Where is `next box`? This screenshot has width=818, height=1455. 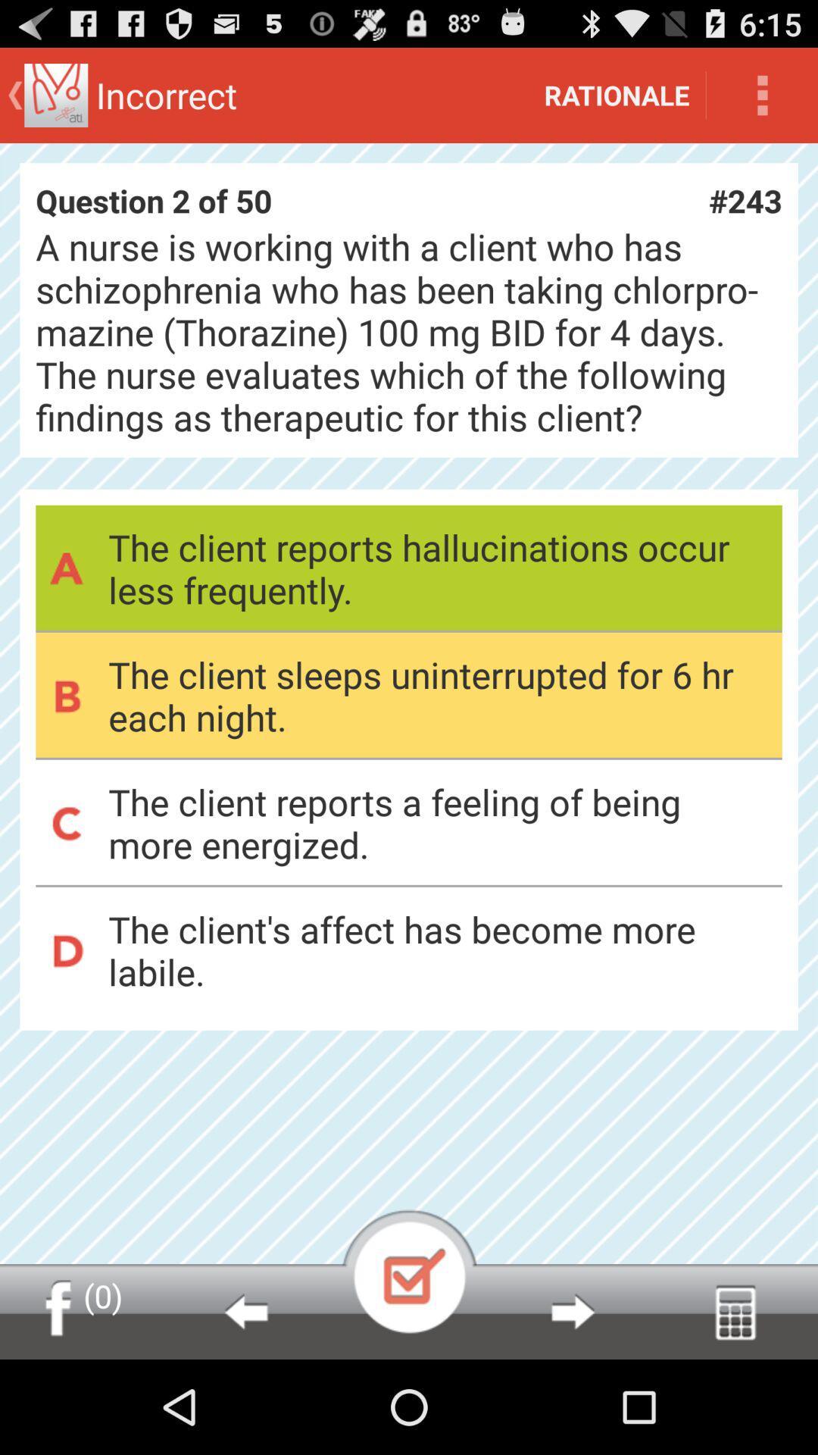 next box is located at coordinates (573, 1311).